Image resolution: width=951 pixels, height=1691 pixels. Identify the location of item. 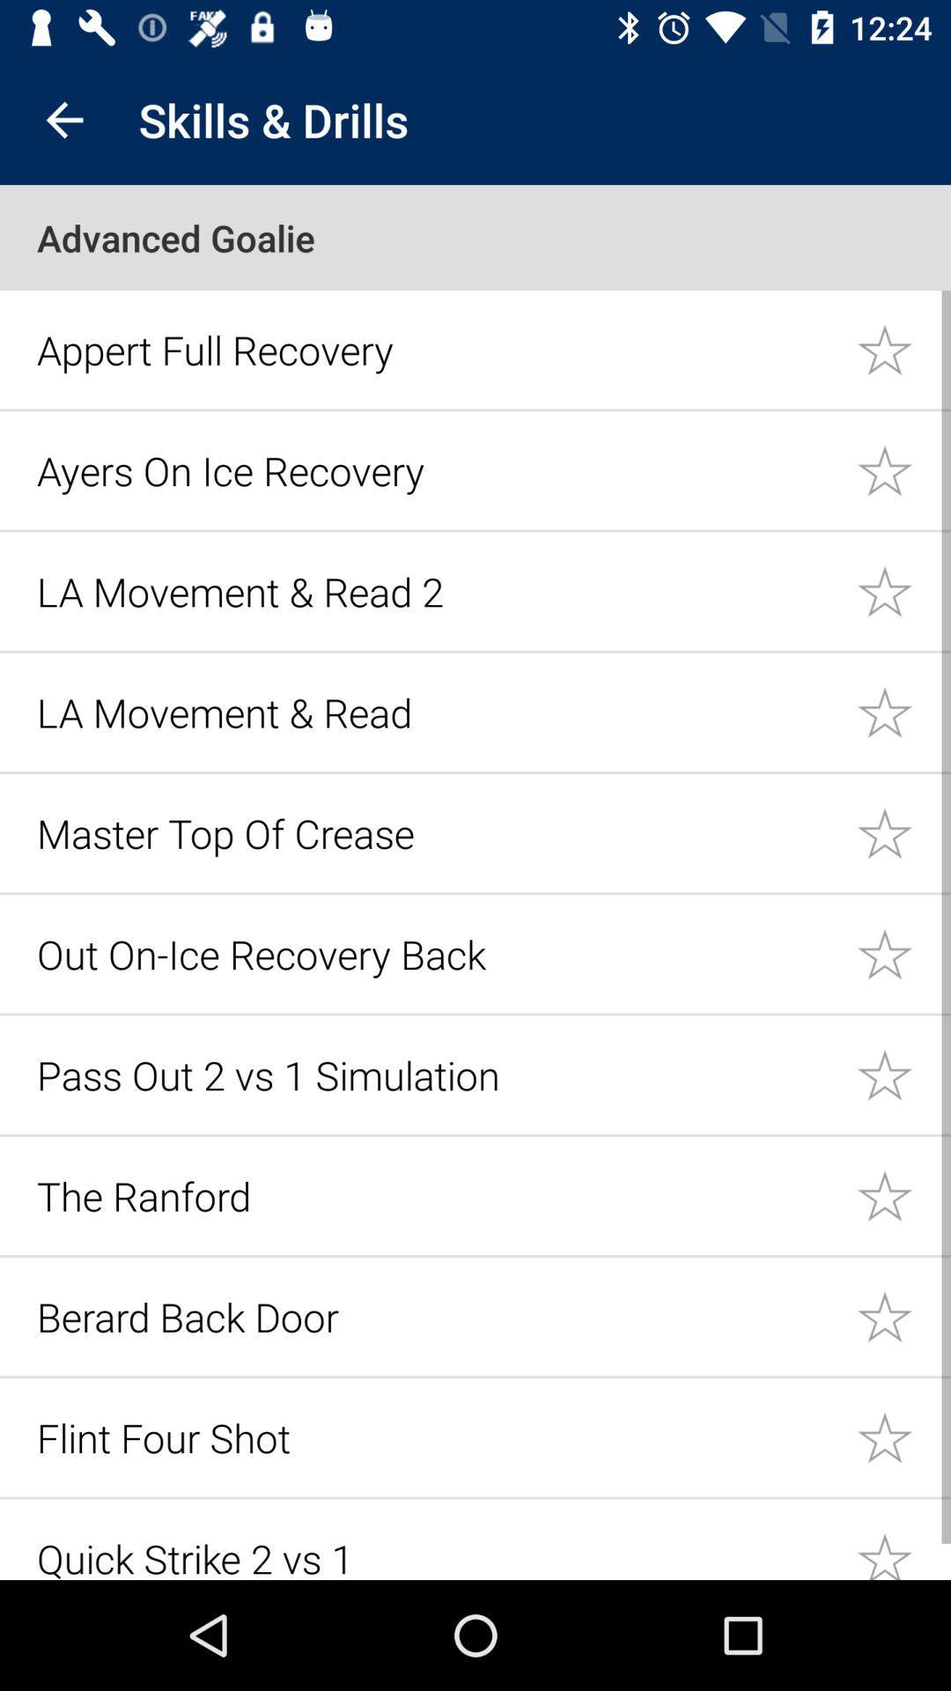
(903, 349).